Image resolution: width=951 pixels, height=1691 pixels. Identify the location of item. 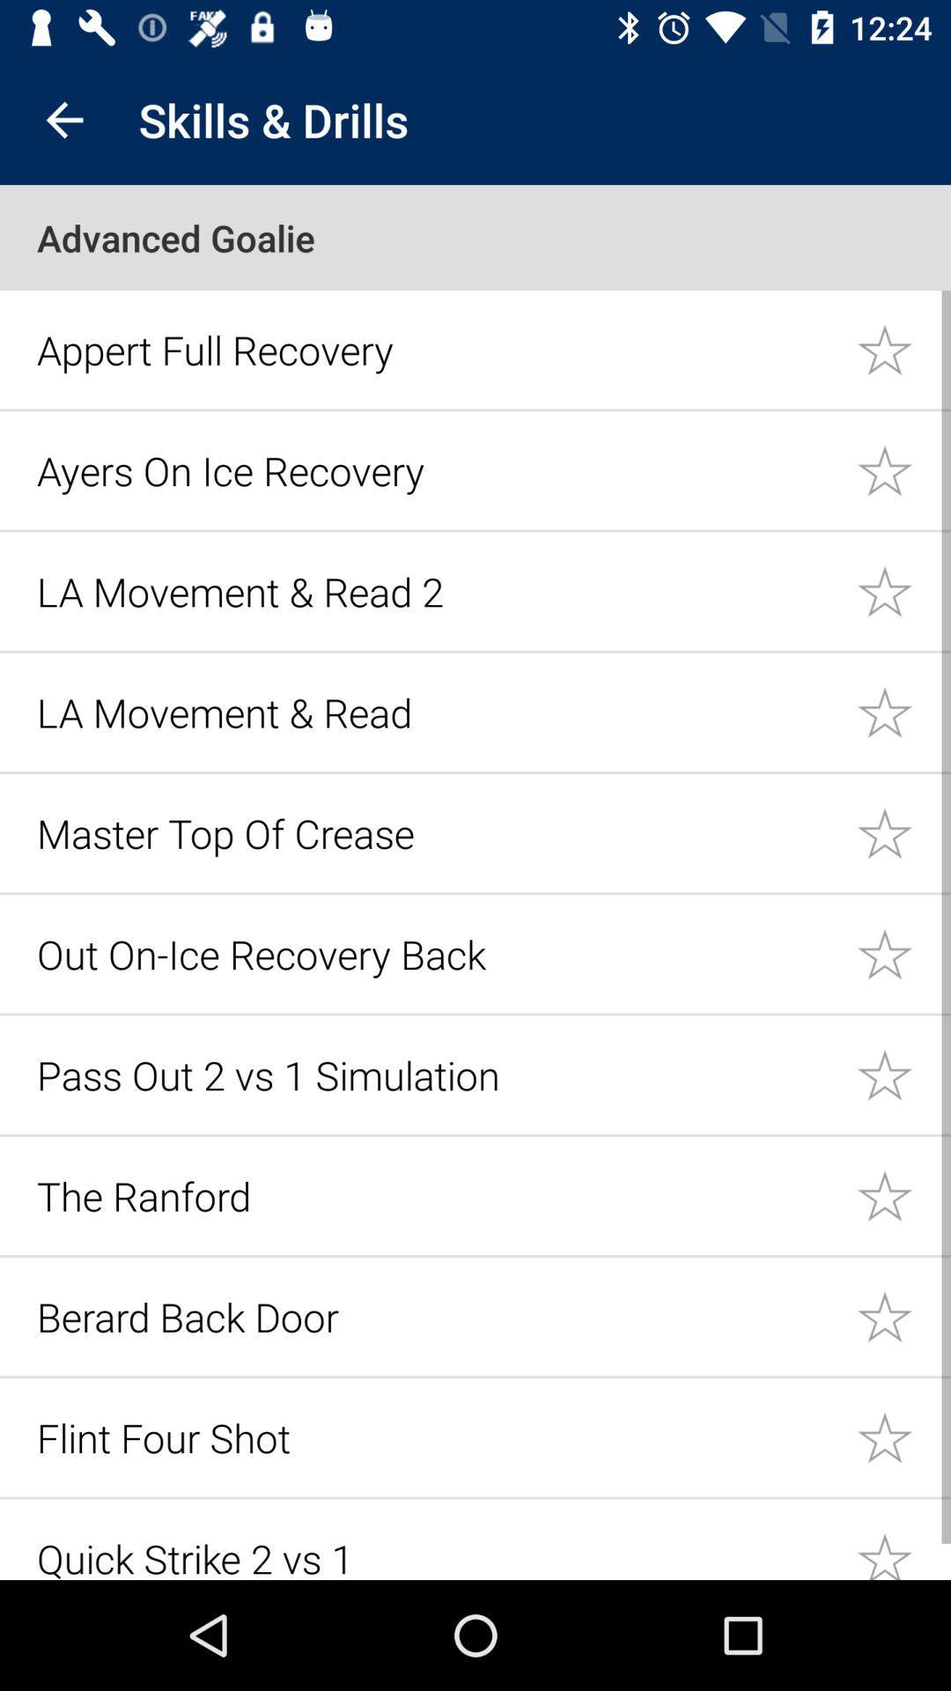
(903, 349).